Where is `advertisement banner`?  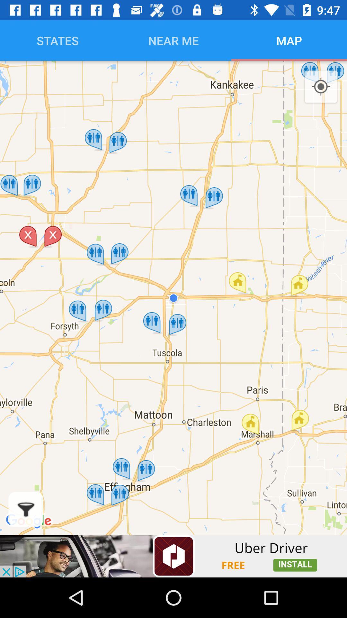 advertisement banner is located at coordinates (173, 556).